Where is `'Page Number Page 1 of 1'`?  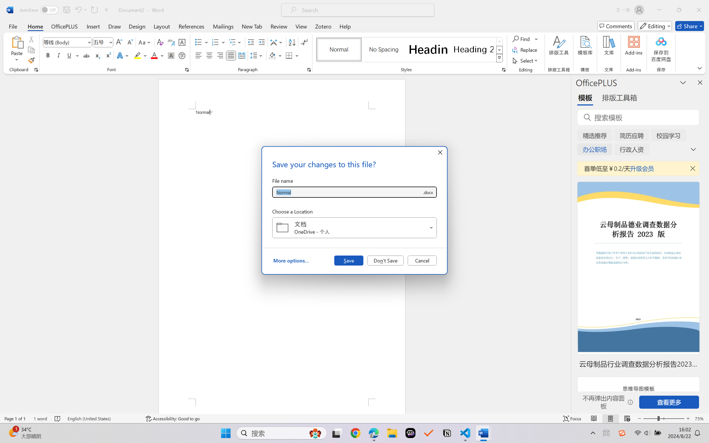
'Page Number Page 1 of 1' is located at coordinates (15, 418).